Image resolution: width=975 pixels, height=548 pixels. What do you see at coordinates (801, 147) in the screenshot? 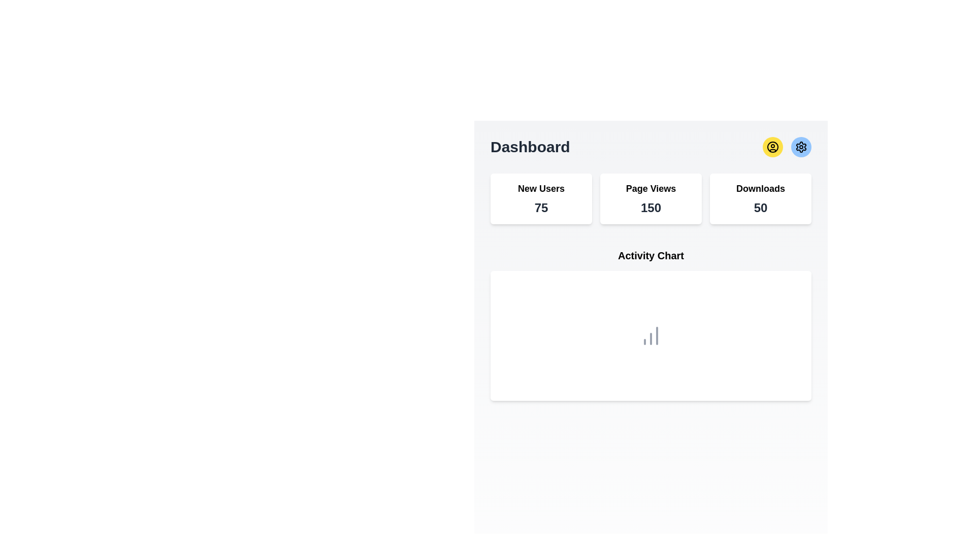
I see `the gear icon located in the top-right corner of the interface` at bounding box center [801, 147].